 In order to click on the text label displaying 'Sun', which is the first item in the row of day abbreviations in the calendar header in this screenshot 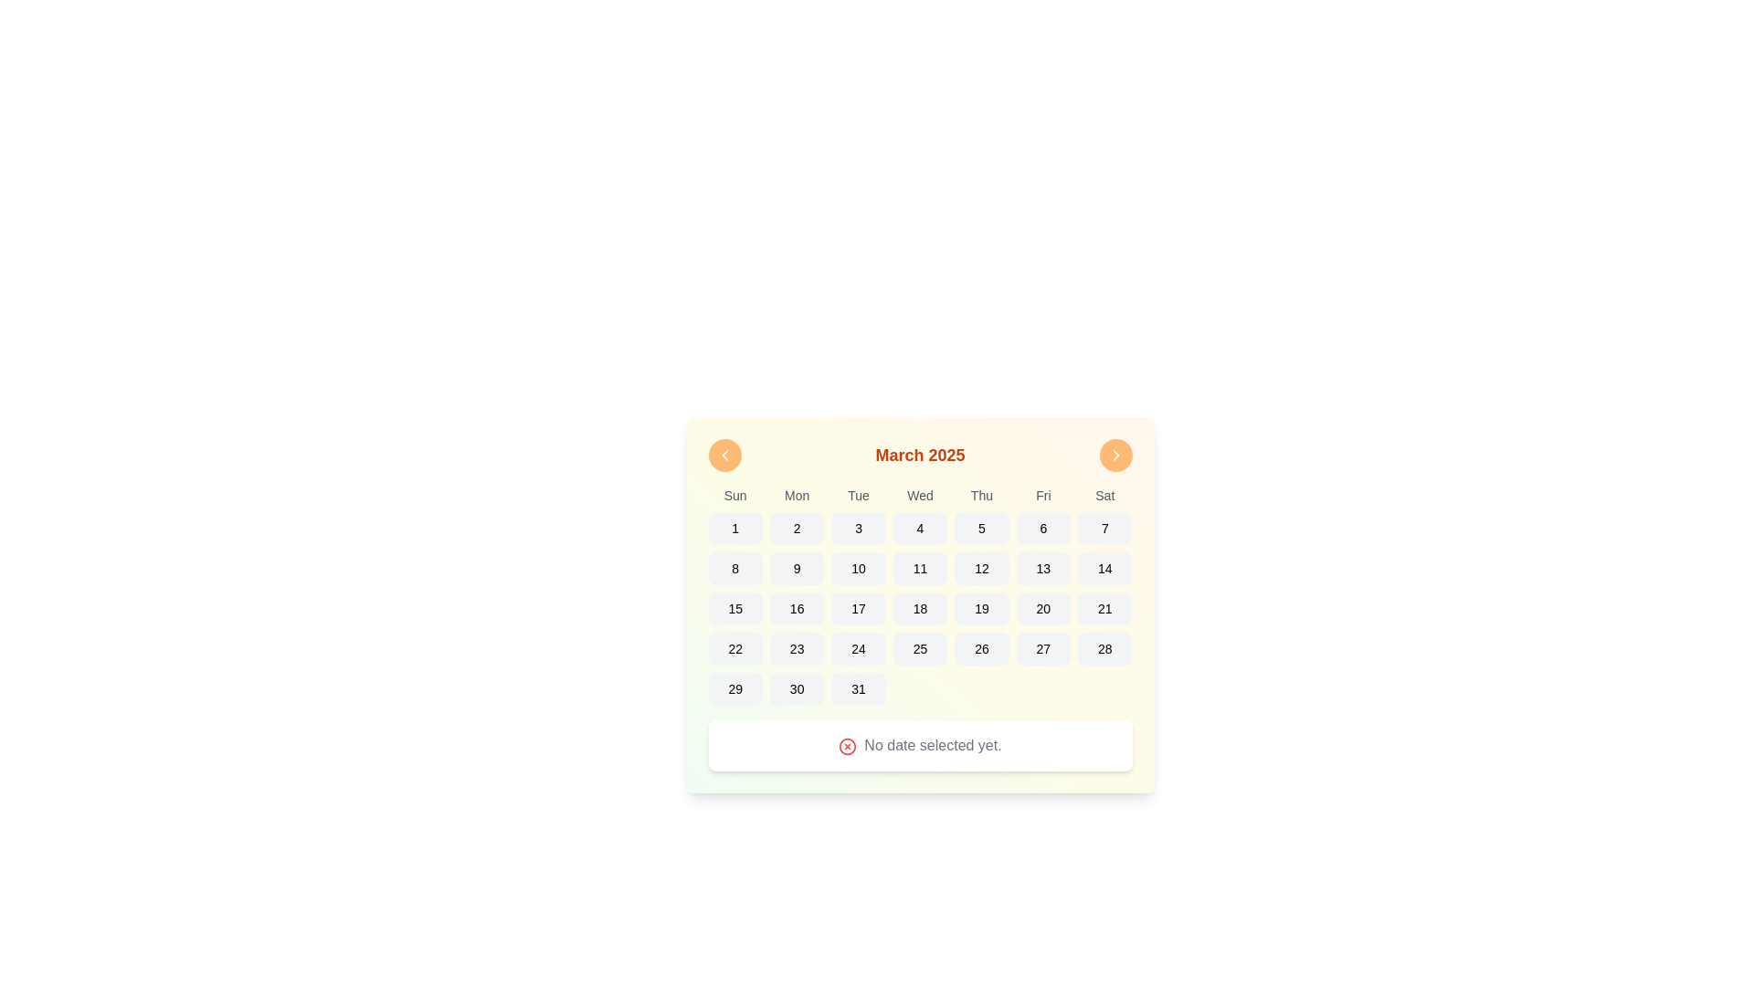, I will do `click(735, 496)`.